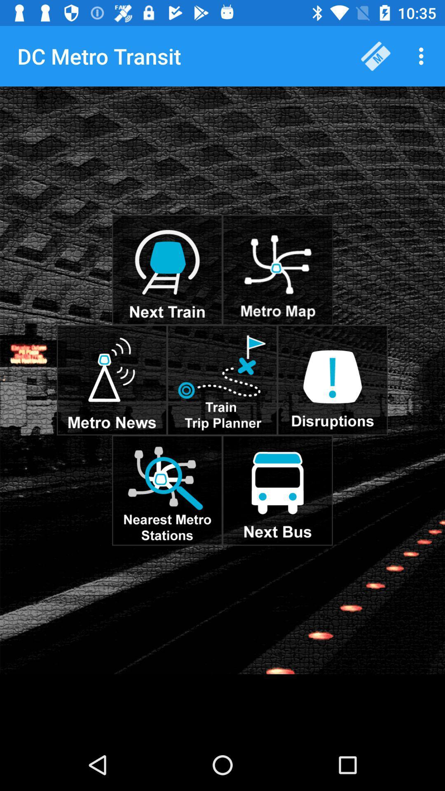 This screenshot has height=791, width=445. Describe the element at coordinates (332, 379) in the screenshot. I see `metro bus service disruptions` at that location.